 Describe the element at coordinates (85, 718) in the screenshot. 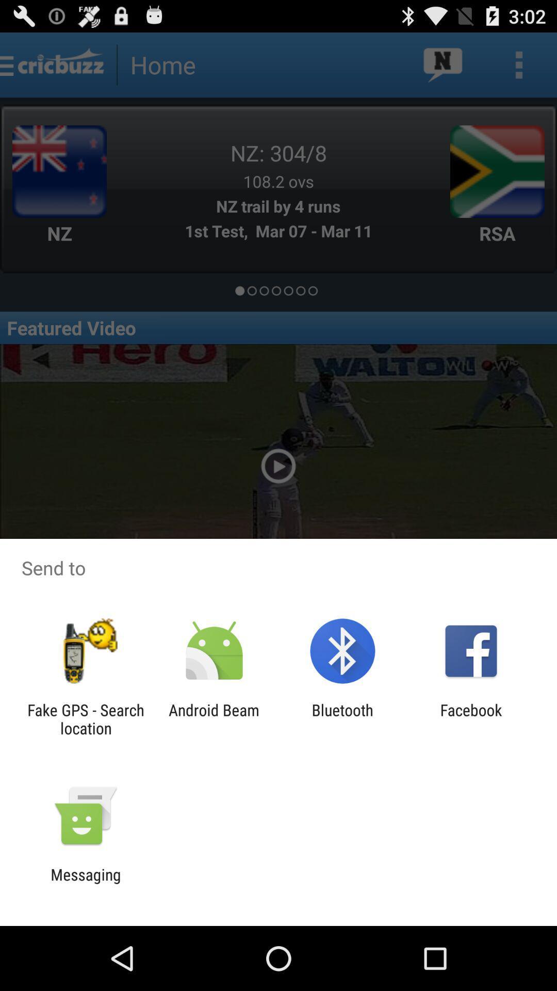

I see `the fake gps search item` at that location.